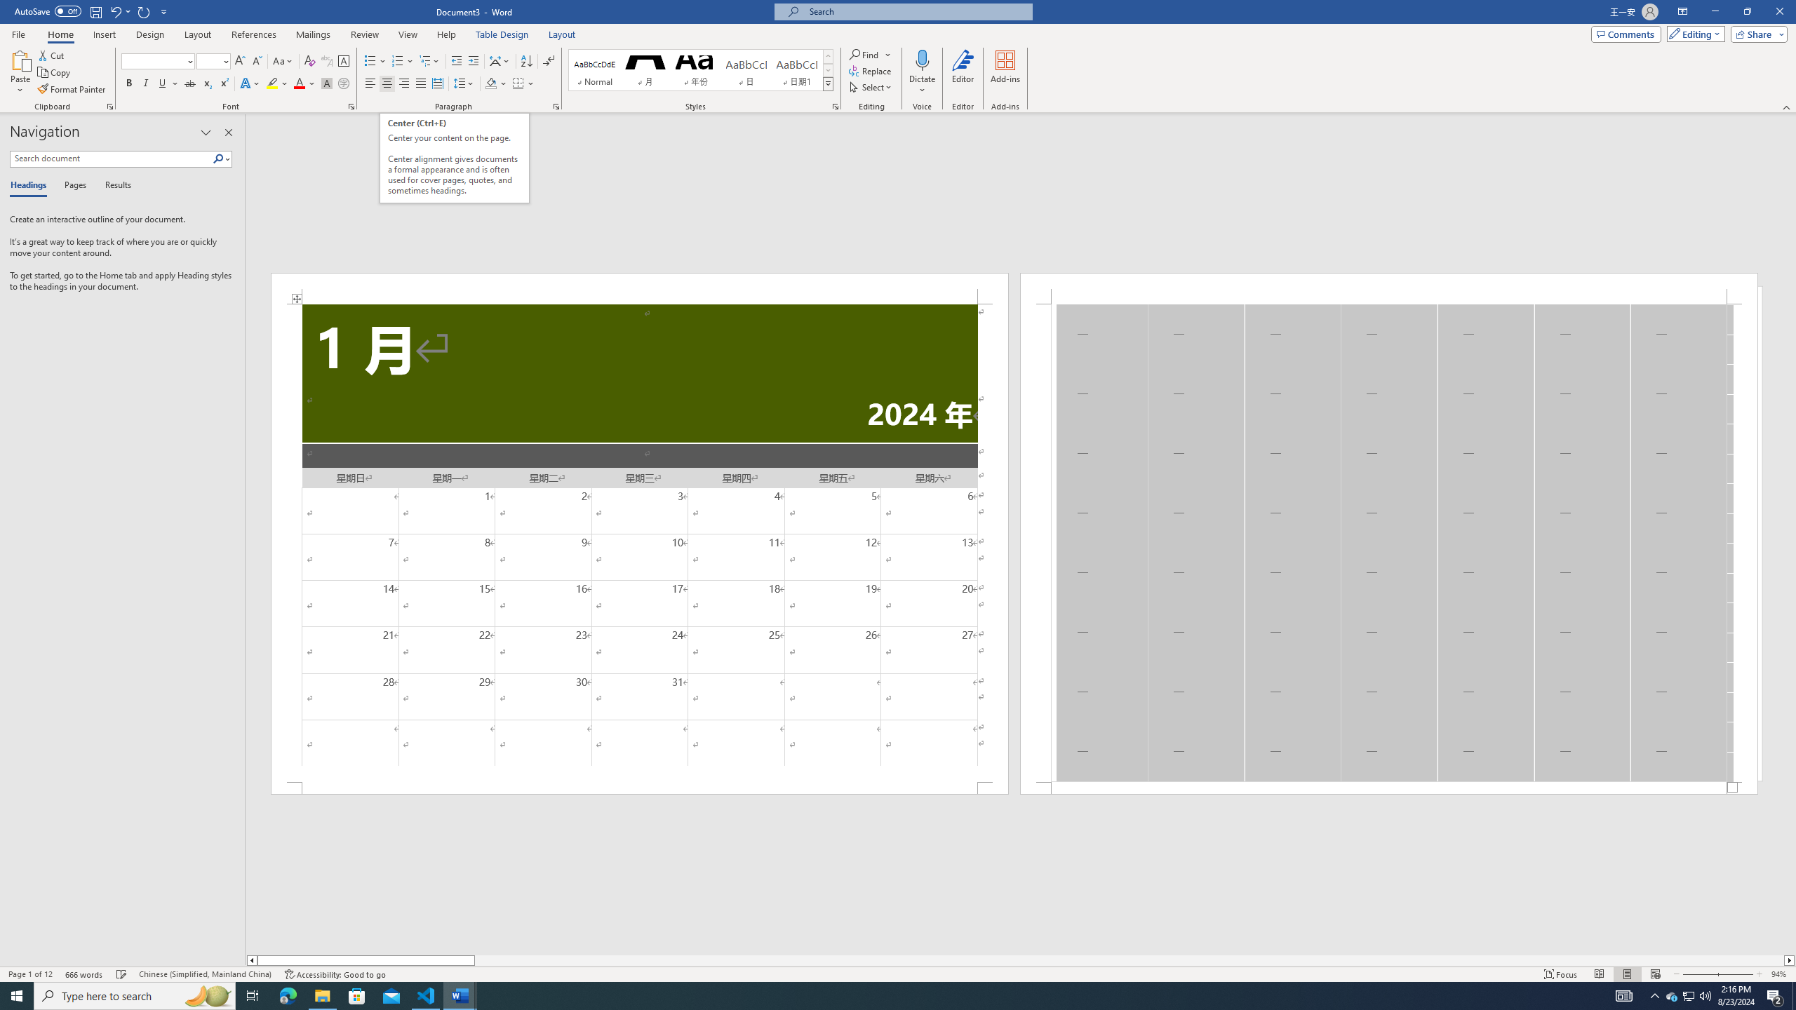  Describe the element at coordinates (326, 83) in the screenshot. I see `'Character Shading'` at that location.